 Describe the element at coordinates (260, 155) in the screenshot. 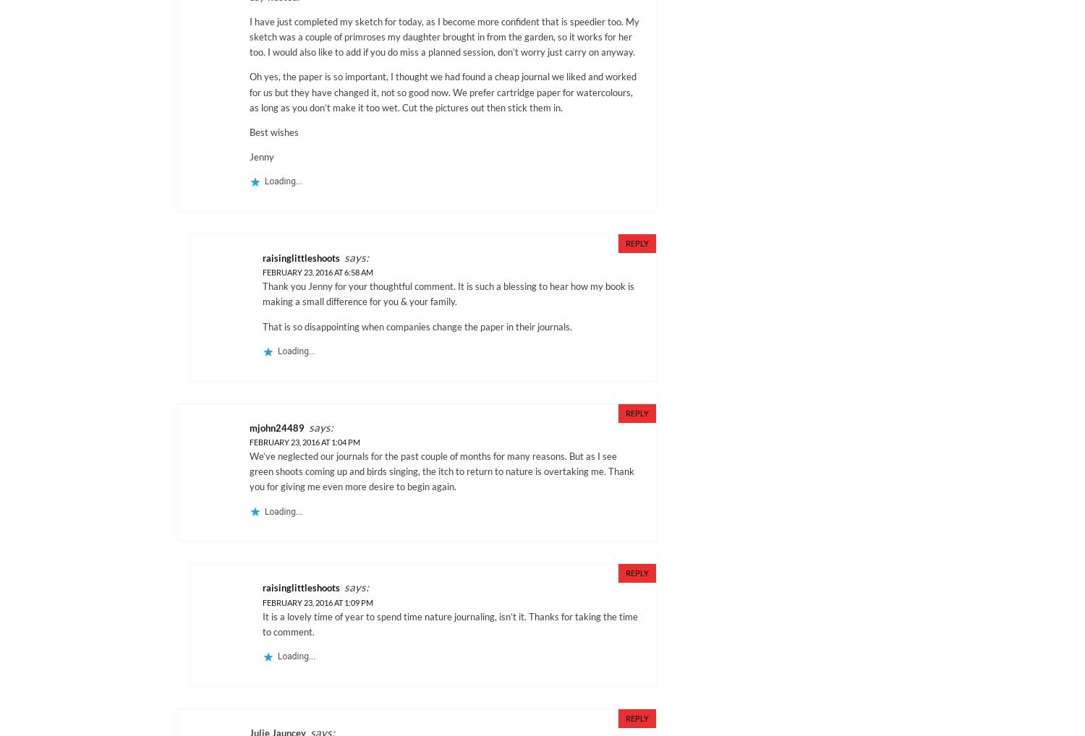

I see `'Jenny'` at that location.